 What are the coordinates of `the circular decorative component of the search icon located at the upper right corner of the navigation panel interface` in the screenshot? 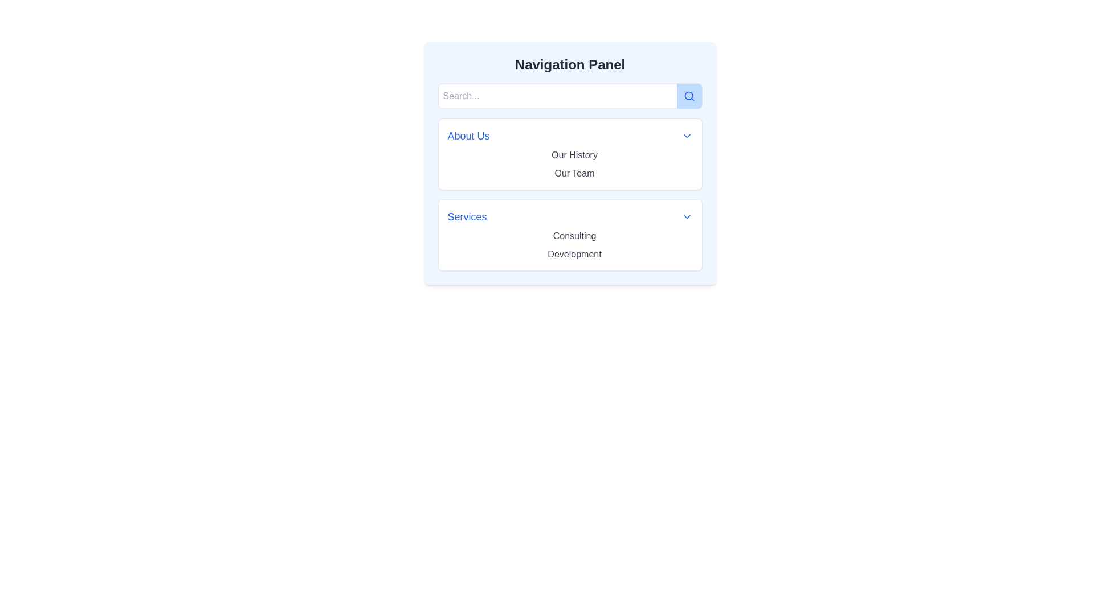 It's located at (688, 95).